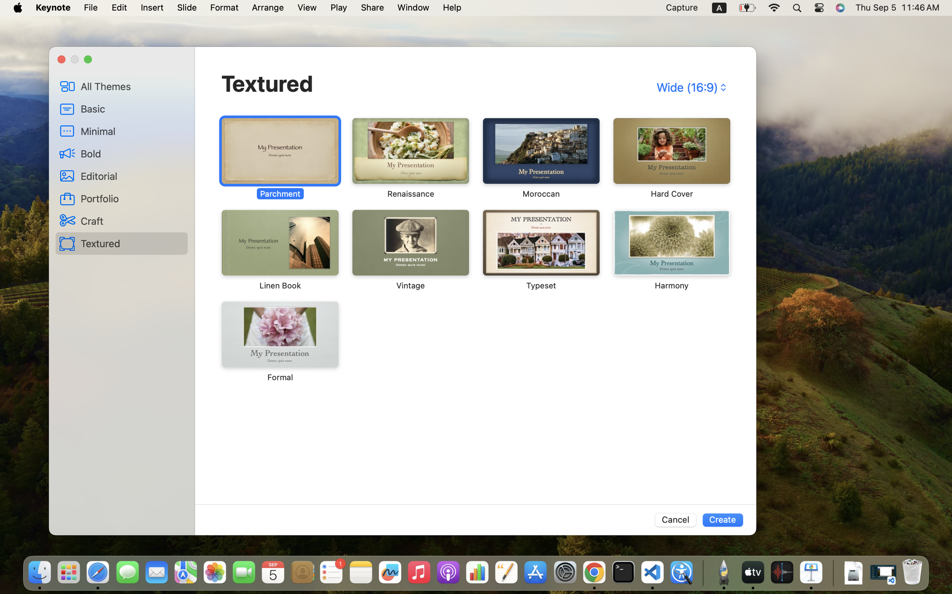  What do you see at coordinates (541, 249) in the screenshot?
I see `'‎⁨Typeset⁩'` at bounding box center [541, 249].